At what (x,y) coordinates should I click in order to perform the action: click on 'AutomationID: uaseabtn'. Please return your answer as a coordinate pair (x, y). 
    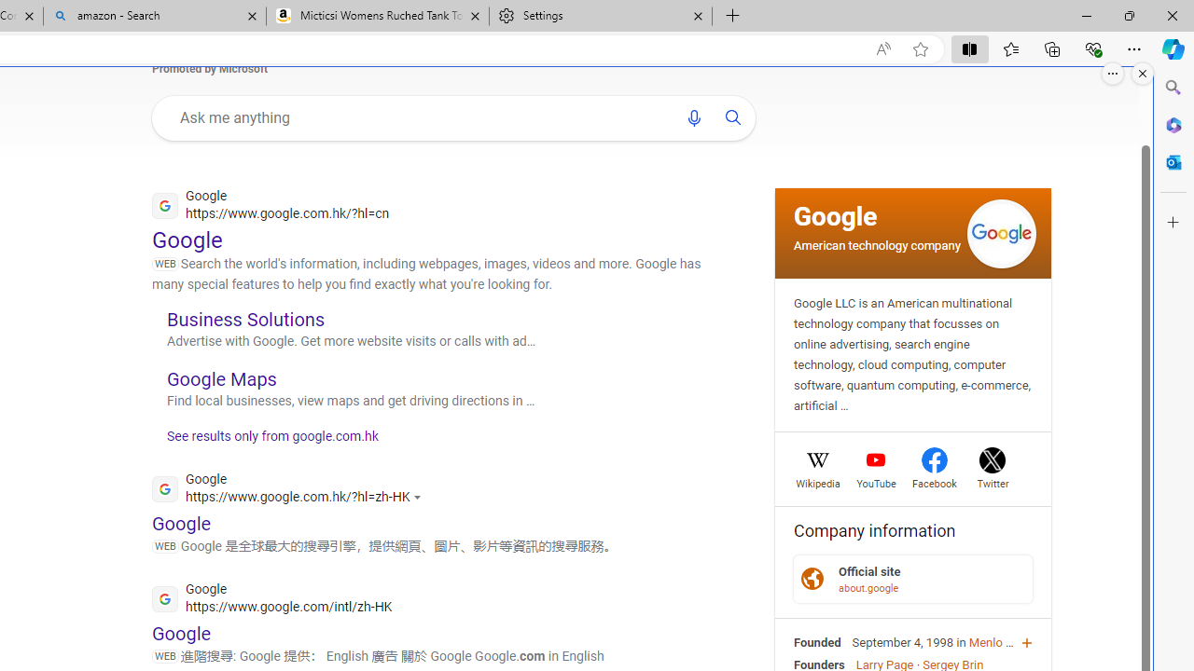
    Looking at the image, I should click on (733, 117).